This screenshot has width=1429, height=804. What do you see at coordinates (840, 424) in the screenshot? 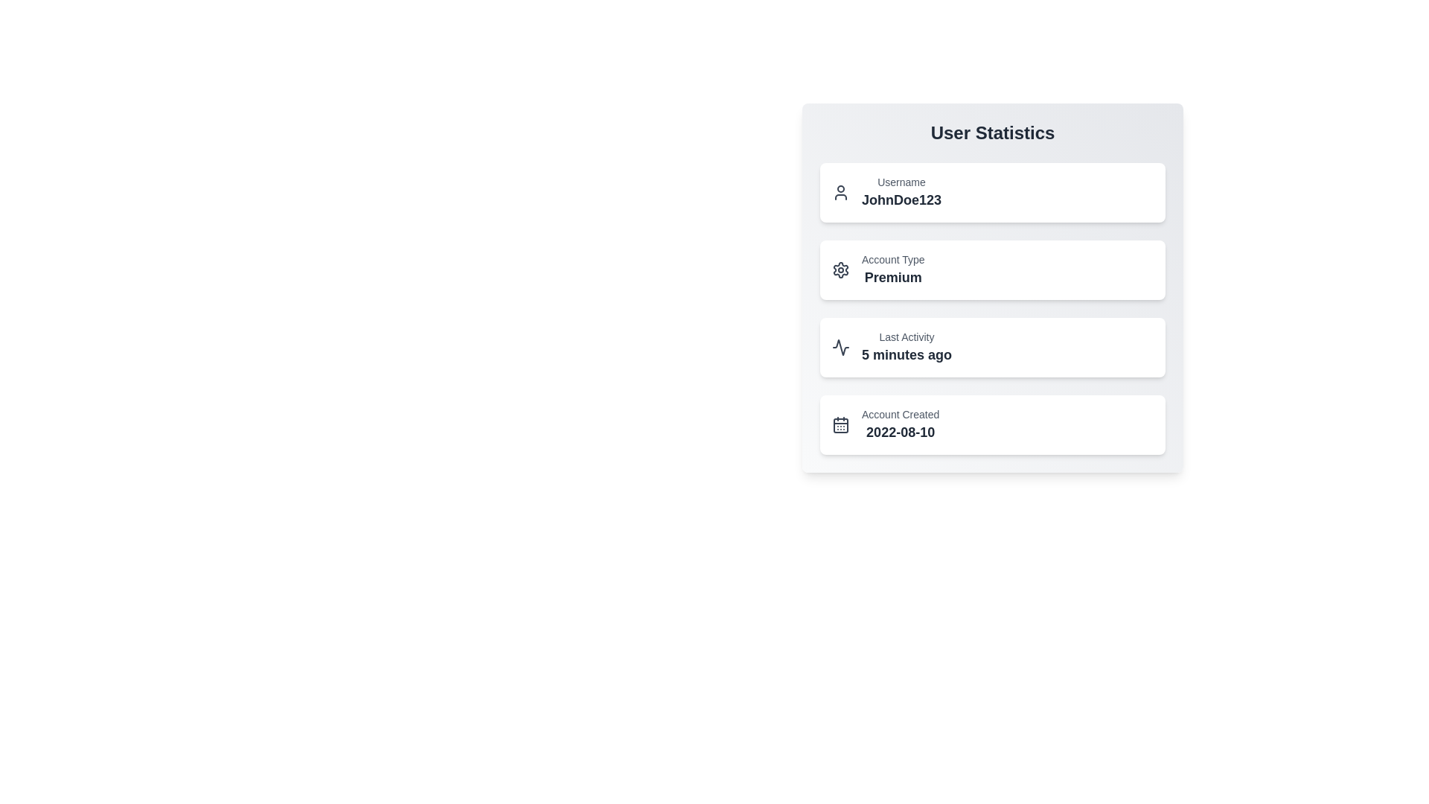
I see `the calendar icon located in the bottom-most section of the user statistics card, positioned to the left of 'Account Created' and the date '2022-08-10'` at bounding box center [840, 424].